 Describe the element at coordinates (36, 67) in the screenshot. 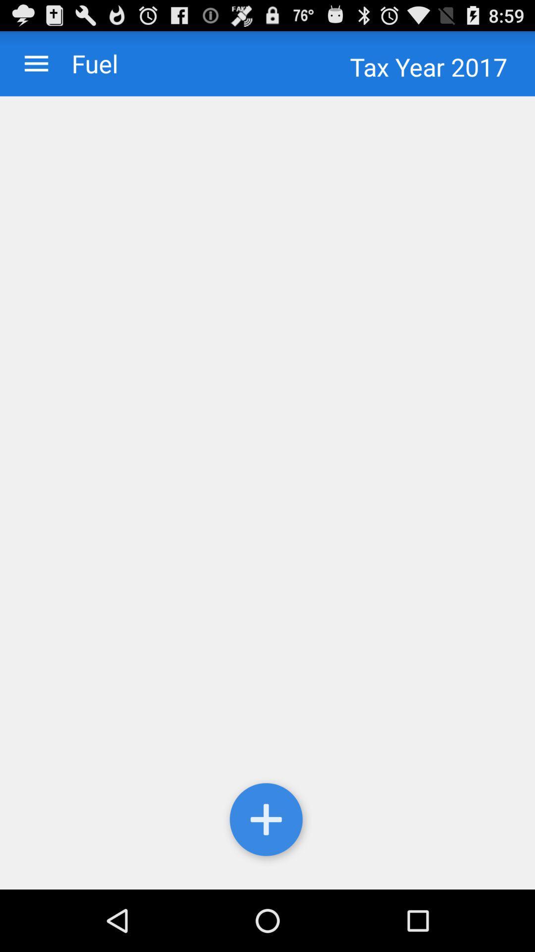

I see `the menu icon` at that location.